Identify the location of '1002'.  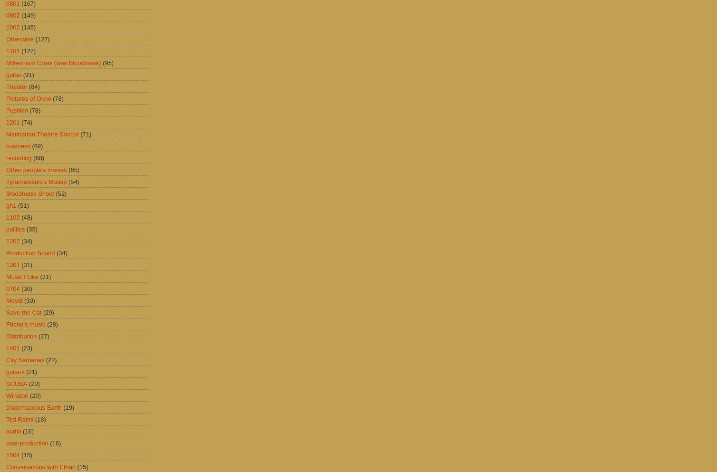
(12, 27).